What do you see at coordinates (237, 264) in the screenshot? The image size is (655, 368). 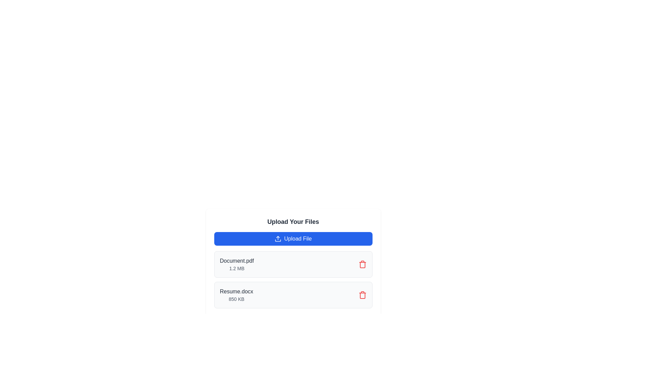 I see `the text label displaying 'Document.pdf' and '1.2 MB' located within the first item of the list layout beneath the 'Upload File' button` at bounding box center [237, 264].